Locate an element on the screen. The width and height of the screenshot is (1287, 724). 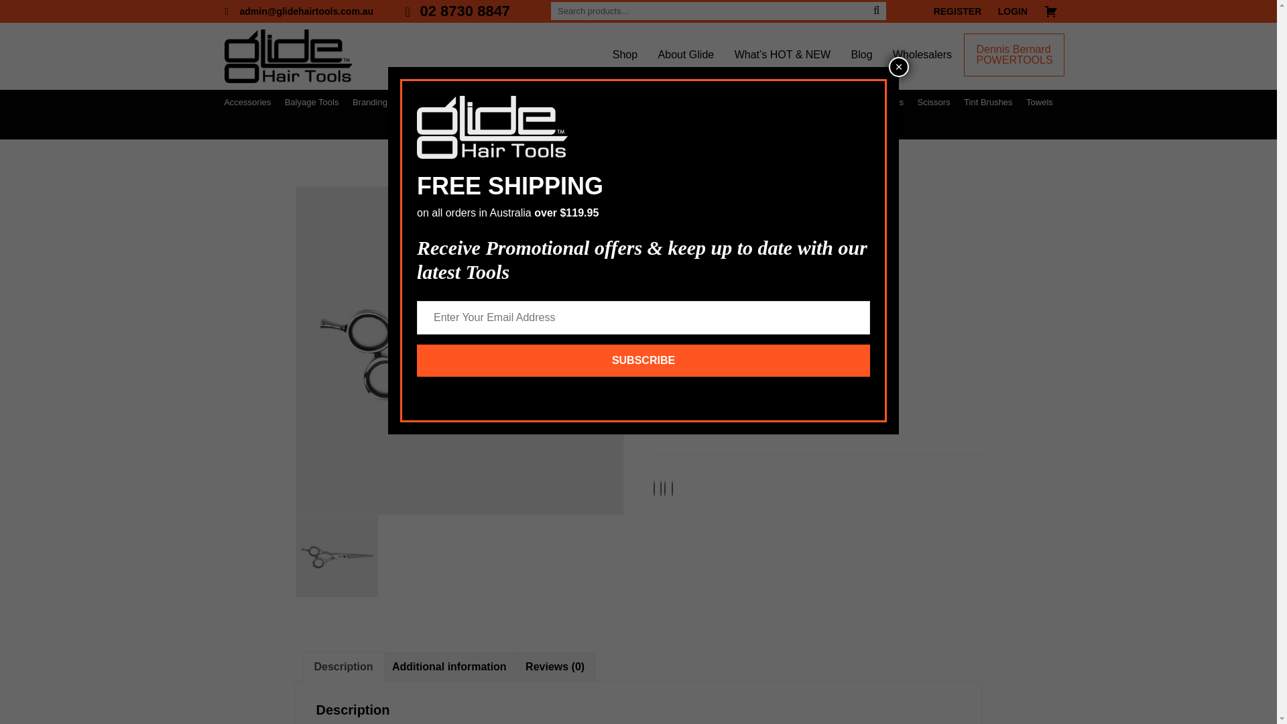
'Skip to primary navigation' is located at coordinates (0, 0).